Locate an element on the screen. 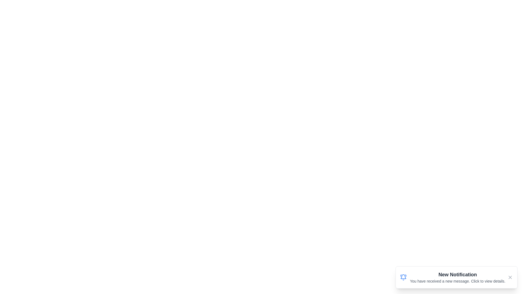 The height and width of the screenshot is (294, 523). the close icon represented by an 'X' shaped icon at the top-right corner of the notification bar is located at coordinates (510, 277).